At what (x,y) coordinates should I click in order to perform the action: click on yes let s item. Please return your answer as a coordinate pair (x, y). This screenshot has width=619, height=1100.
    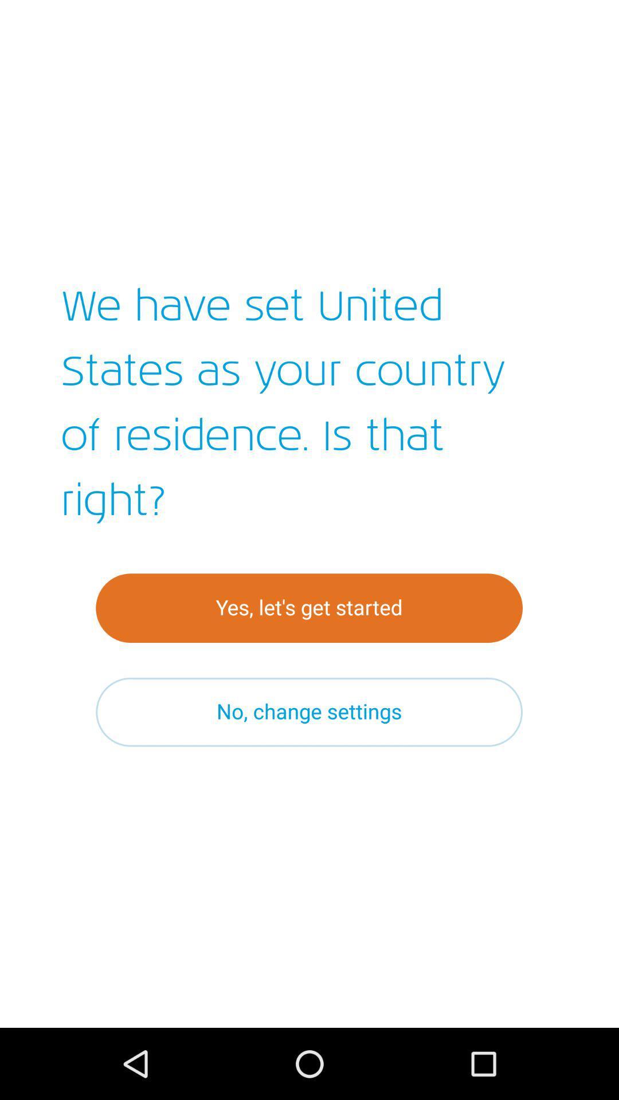
    Looking at the image, I should click on (308, 607).